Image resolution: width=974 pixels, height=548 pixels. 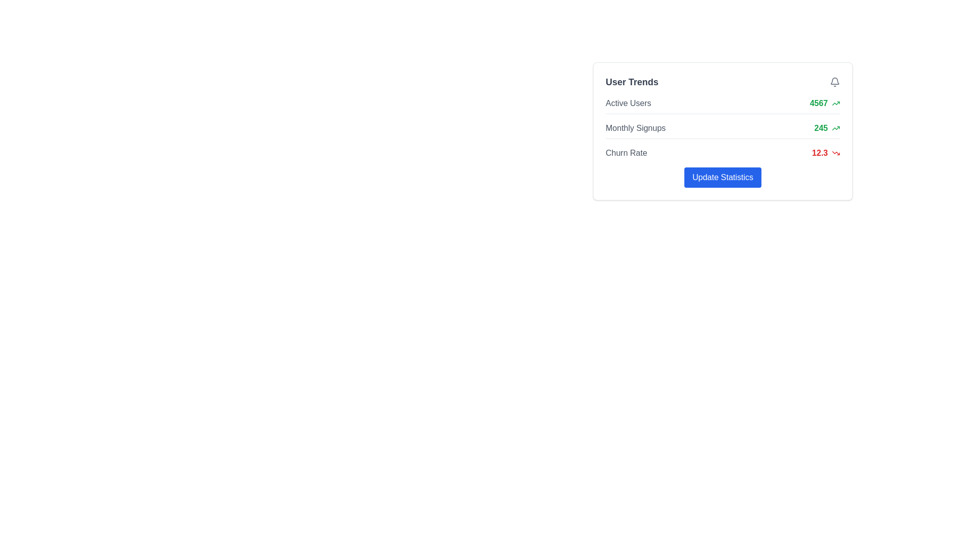 What do you see at coordinates (625, 153) in the screenshot?
I see `text label indicating the churn rate located under the 'User Trends' section, positioned to the left of the numerical value '12.3'` at bounding box center [625, 153].